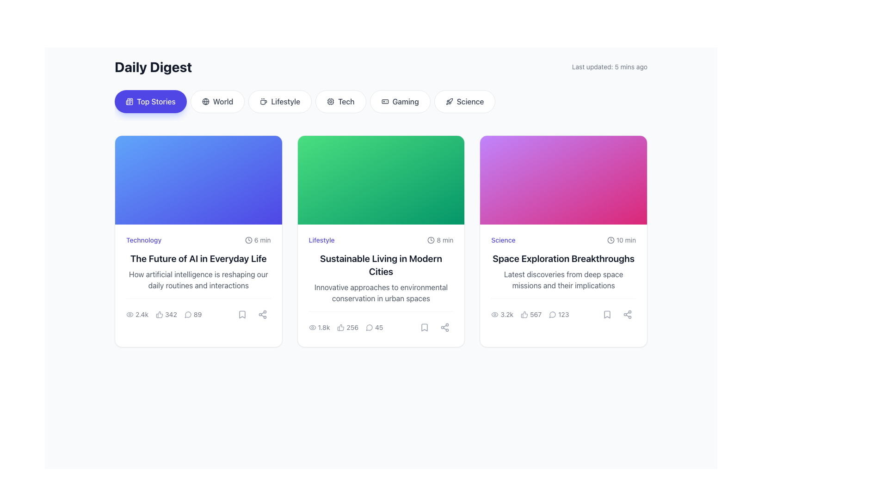  Describe the element at coordinates (440, 240) in the screenshot. I see `the estimated reading time text with icon located in the top-right corner of the 'Lifestyle' card, aligned with the 'Lifestyle' tag` at that location.